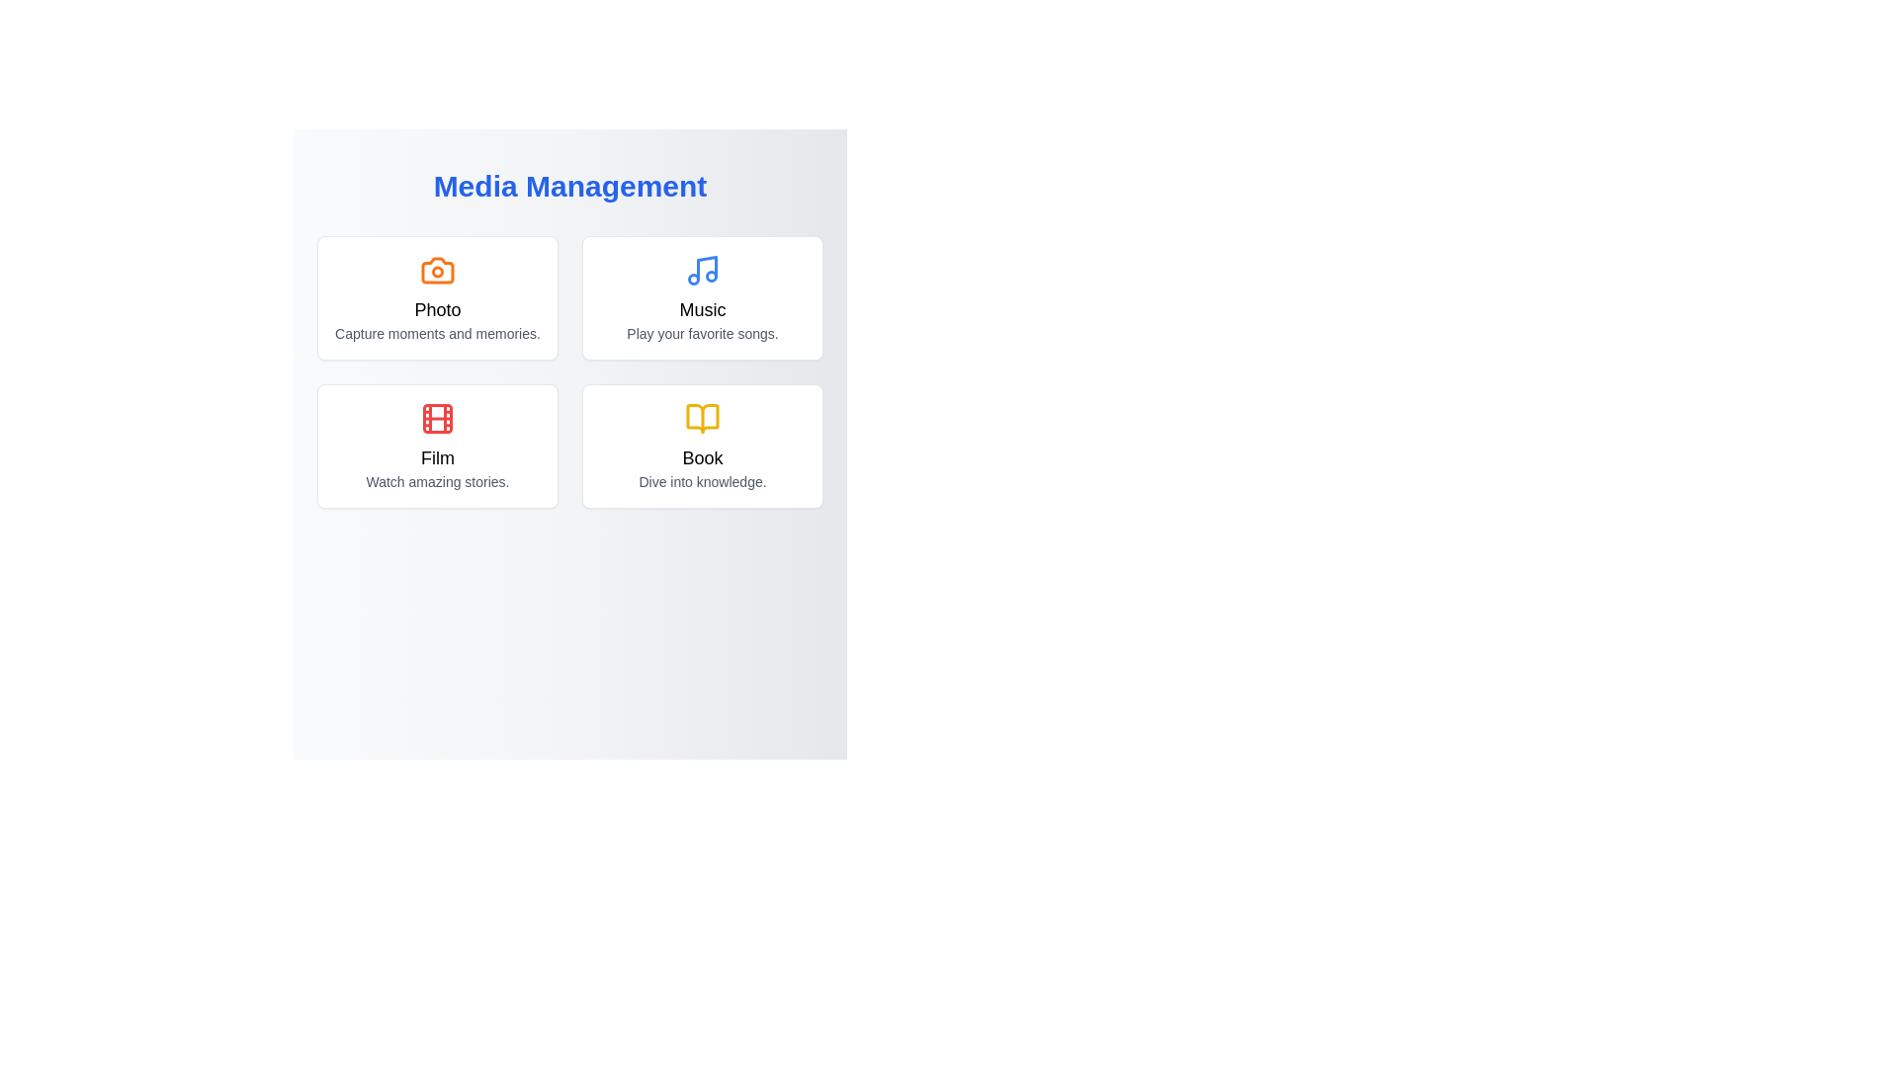 The image size is (1898, 1067). What do you see at coordinates (436, 297) in the screenshot?
I see `the 'Photo' navigation card located in the top-left of the grid layout` at bounding box center [436, 297].